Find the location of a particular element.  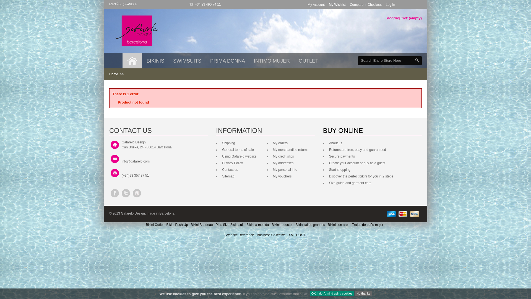

'Bikini tallas grandes' is located at coordinates (295, 225).